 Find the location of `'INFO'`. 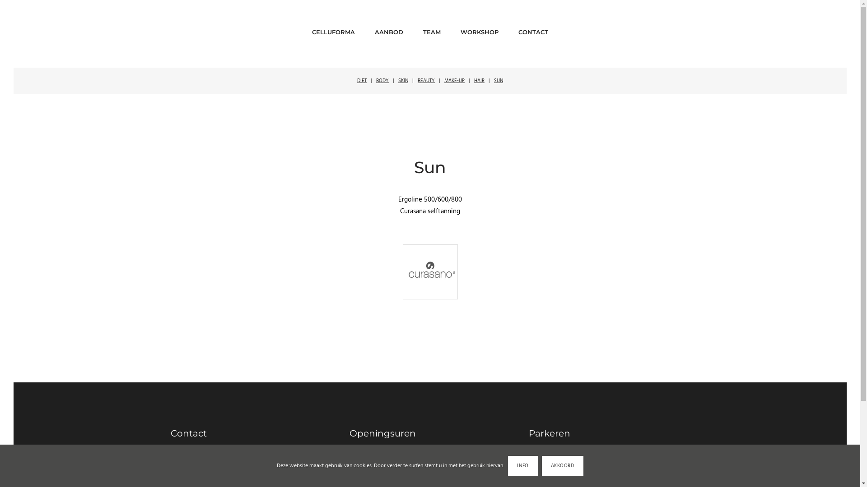

'INFO' is located at coordinates (508, 466).